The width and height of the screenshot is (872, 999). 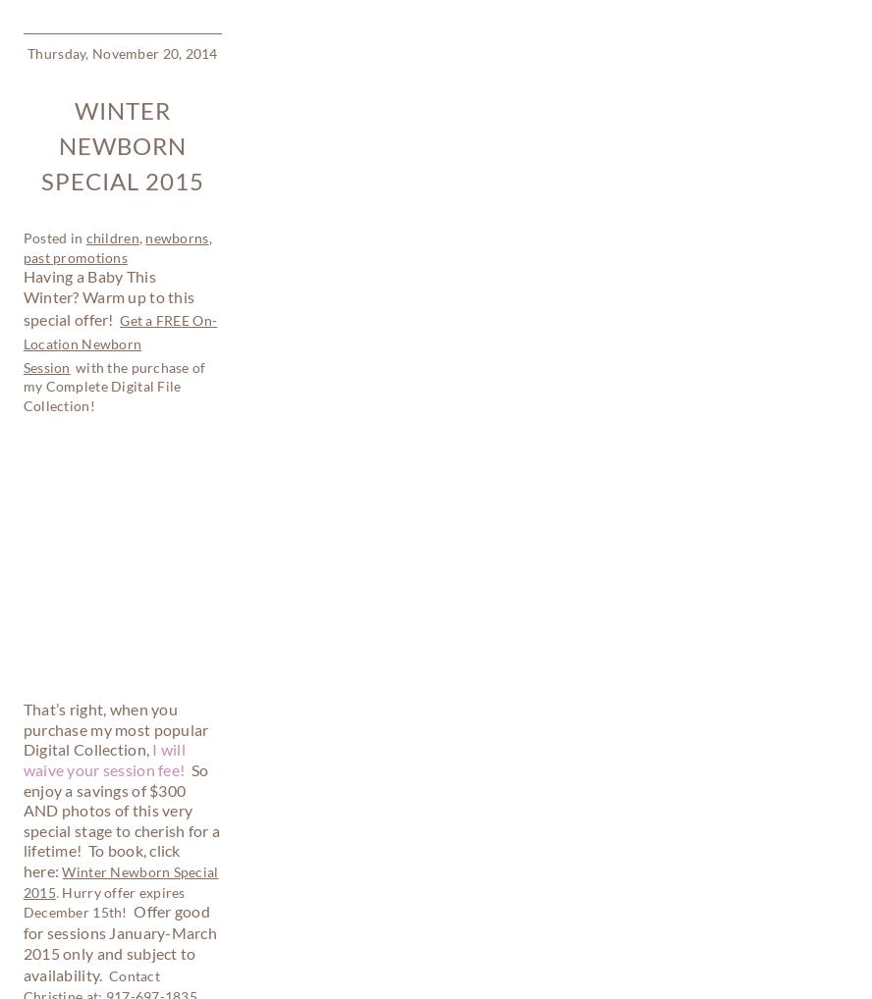 I want to click on 'Mother’s Day Special 2014 – Get a Free Canvas!', so click(x=30, y=662).